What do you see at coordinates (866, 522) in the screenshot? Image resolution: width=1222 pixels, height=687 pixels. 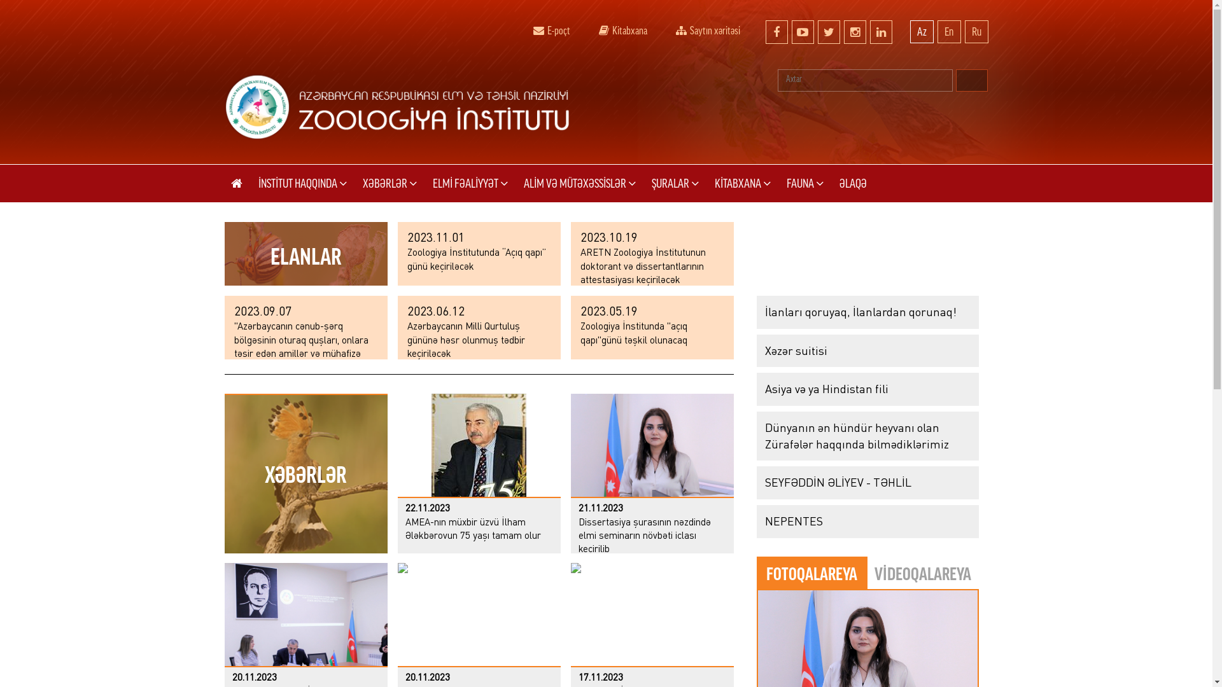 I see `'NEPENTES'` at bounding box center [866, 522].